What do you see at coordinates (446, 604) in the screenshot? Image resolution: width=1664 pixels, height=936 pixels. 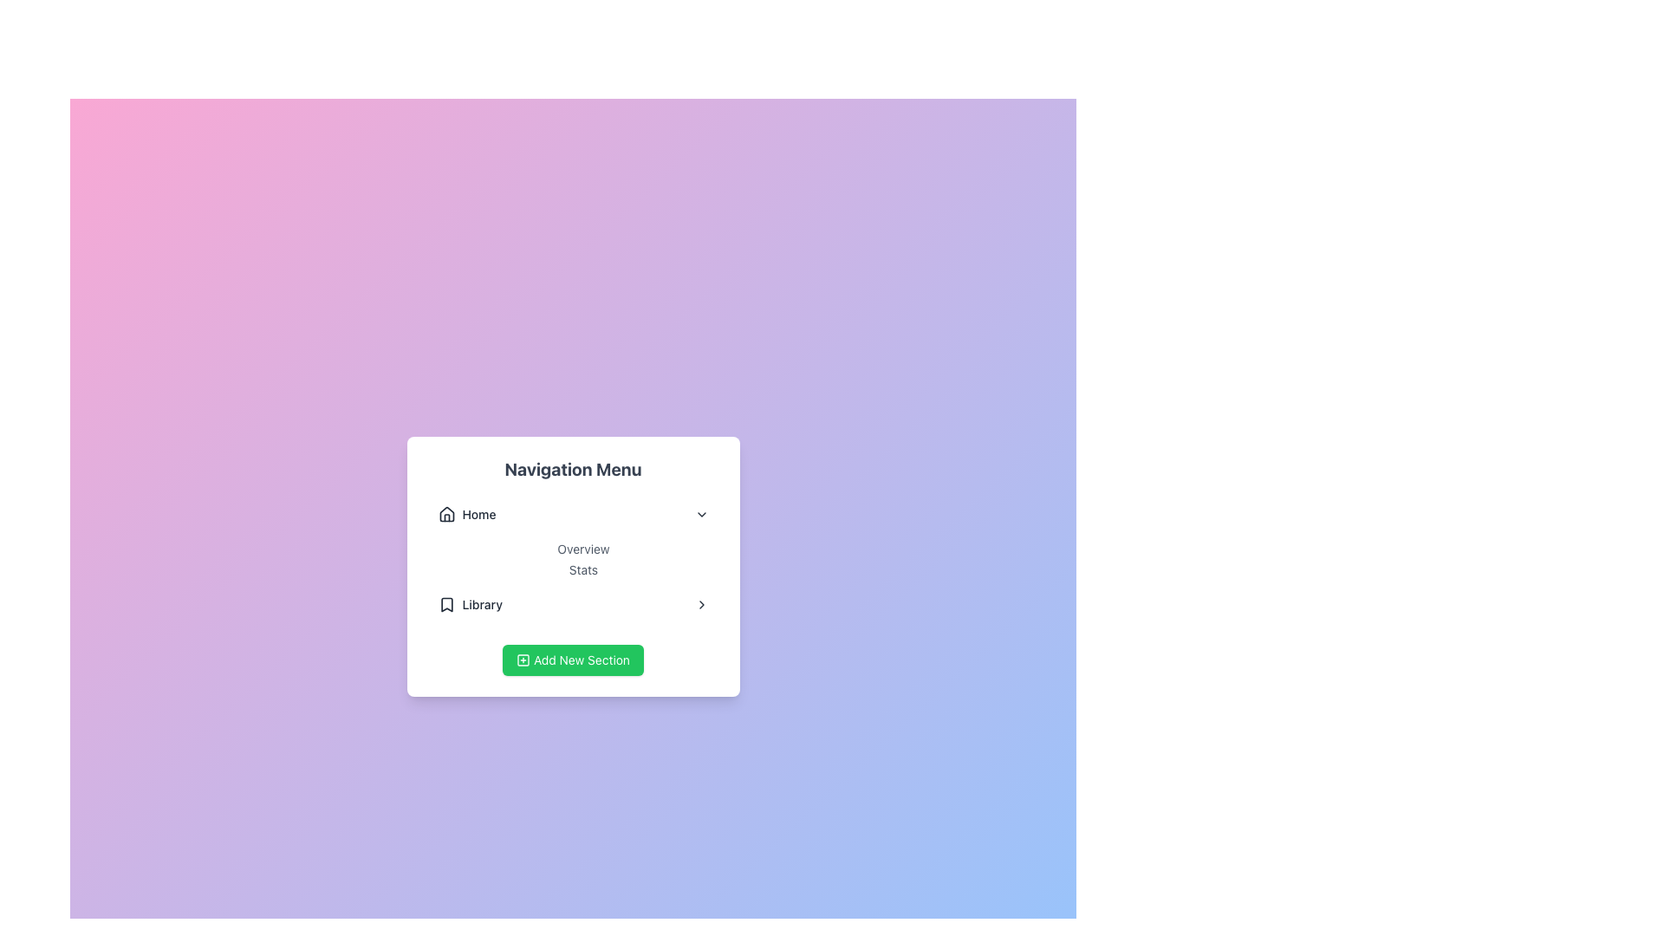 I see `the 'Library' icon located on the left side of the 'Library' menu item within the navigation menu to aid user navigation` at bounding box center [446, 604].